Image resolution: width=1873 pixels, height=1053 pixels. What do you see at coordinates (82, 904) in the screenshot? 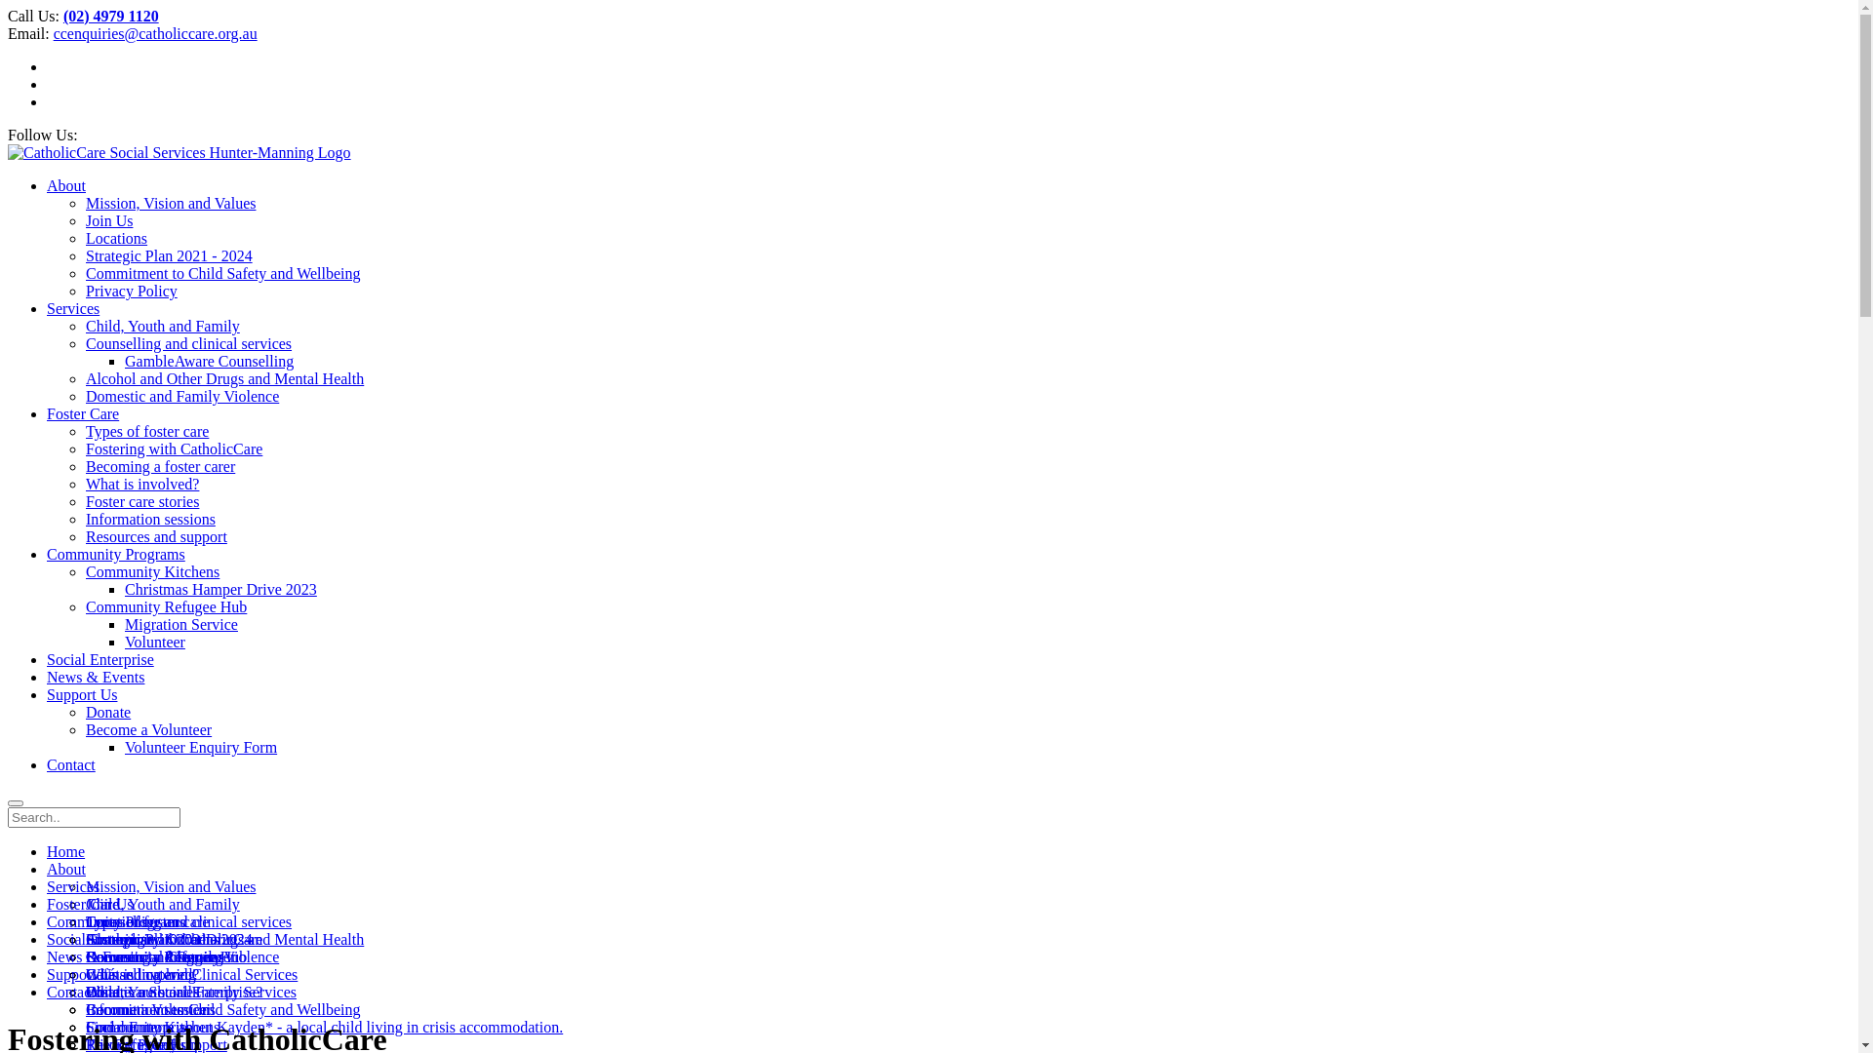
I see `'Foster Care'` at bounding box center [82, 904].